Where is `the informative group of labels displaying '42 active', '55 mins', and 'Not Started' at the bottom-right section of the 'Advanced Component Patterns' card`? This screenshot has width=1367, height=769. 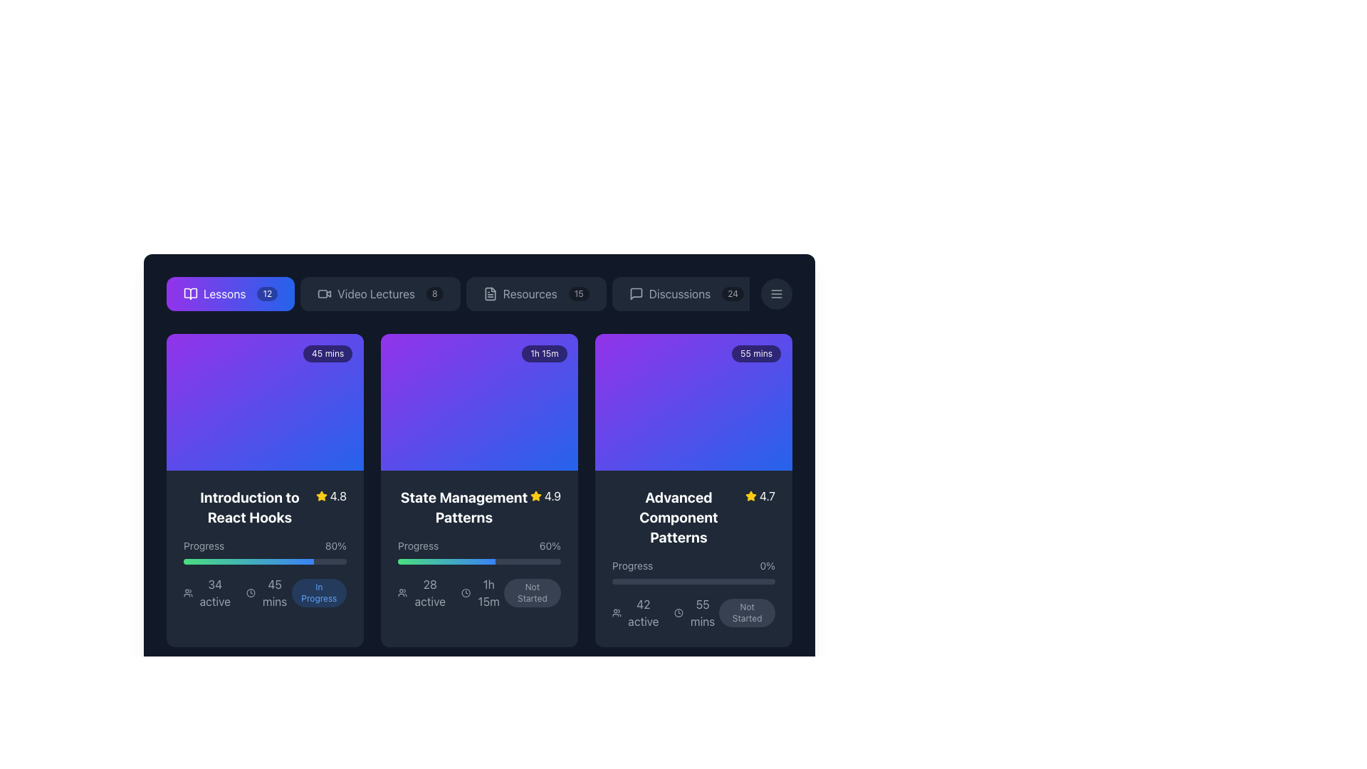 the informative group of labels displaying '42 active', '55 mins', and 'Not Started' at the bottom-right section of the 'Advanced Component Patterns' card is located at coordinates (693, 612).